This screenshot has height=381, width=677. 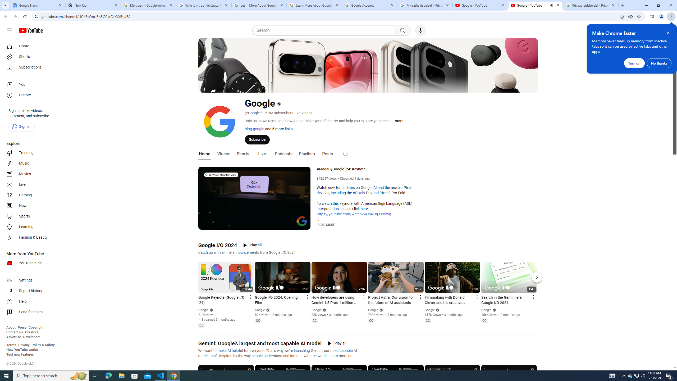 What do you see at coordinates (283, 154) in the screenshot?
I see `'Podcasts'` at bounding box center [283, 154].